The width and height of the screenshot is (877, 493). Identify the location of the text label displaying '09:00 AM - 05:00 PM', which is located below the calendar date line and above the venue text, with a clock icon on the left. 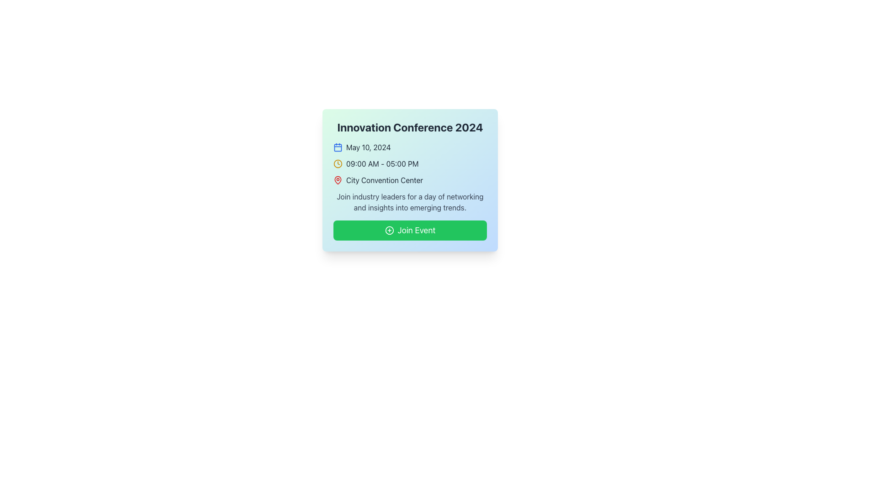
(382, 163).